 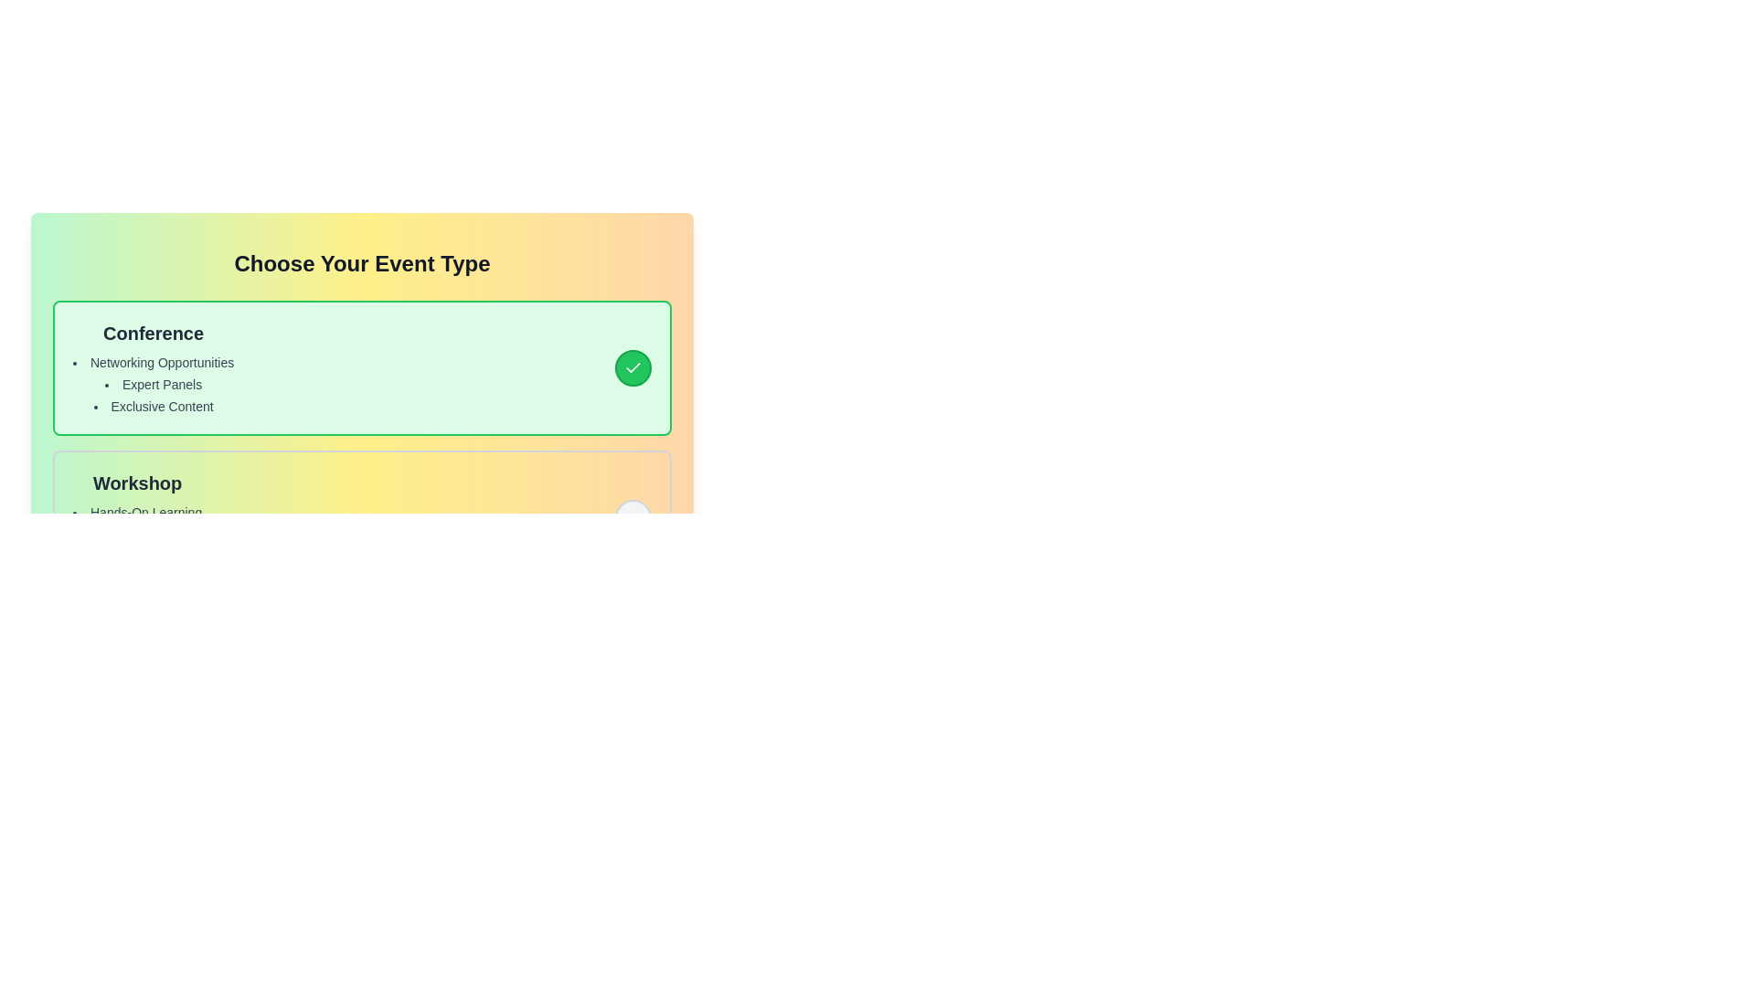 I want to click on bold title text label 'Conference' which is styled with a larger font size and dark gray color, located at the top of the 'Conference' section box, so click(x=154, y=334).